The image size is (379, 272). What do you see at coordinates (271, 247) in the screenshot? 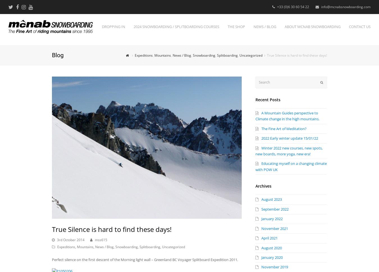
I see `'August 2020'` at bounding box center [271, 247].